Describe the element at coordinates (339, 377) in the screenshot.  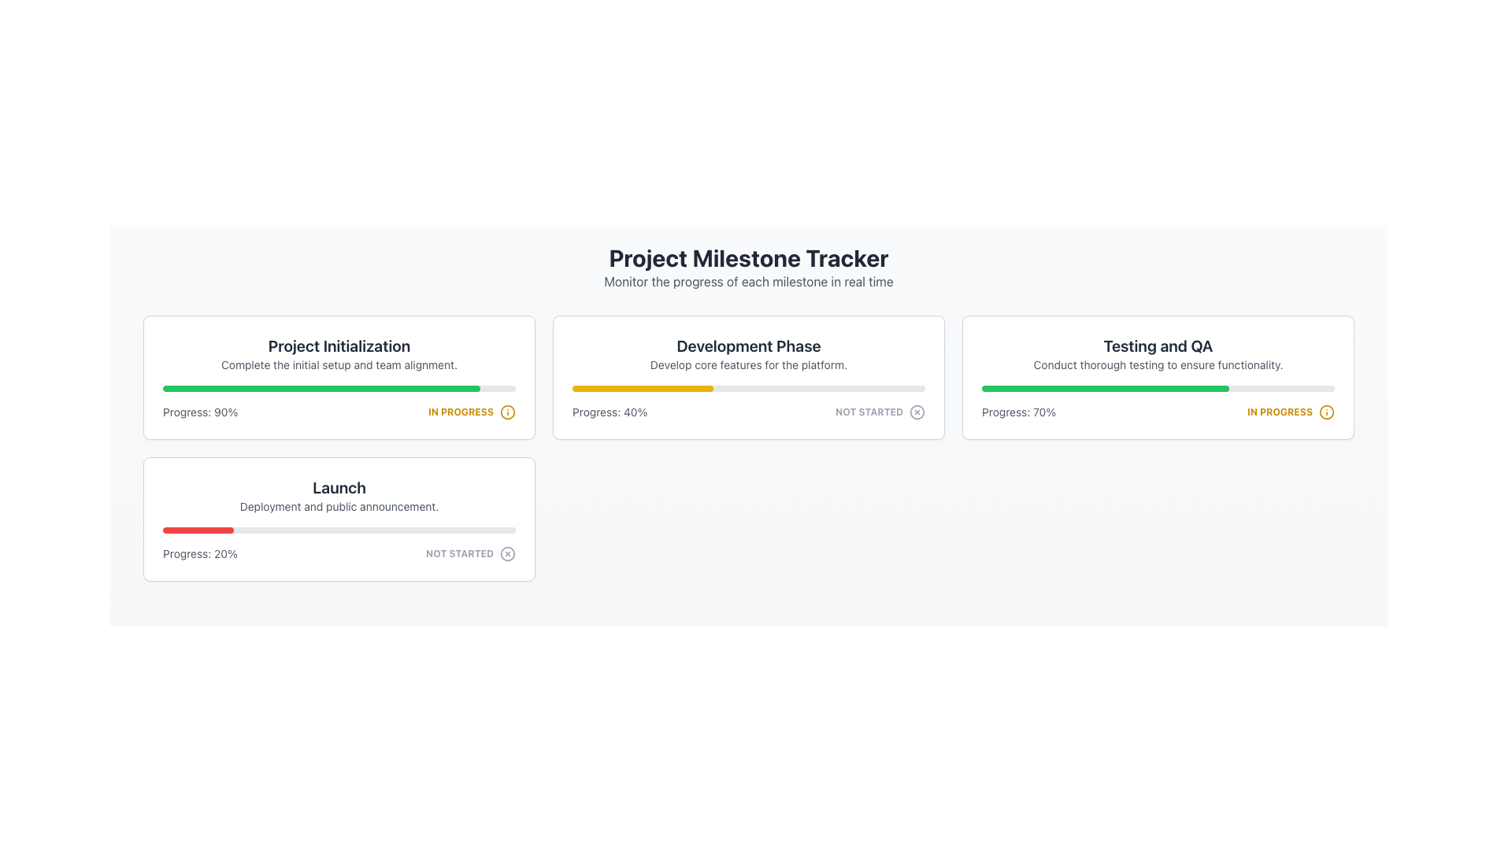
I see `the Card element with the header 'Project Initialization', which has a white background, rounded corners, and displays the progress status as 'Progress: 90%' and 'In Progress'` at that location.